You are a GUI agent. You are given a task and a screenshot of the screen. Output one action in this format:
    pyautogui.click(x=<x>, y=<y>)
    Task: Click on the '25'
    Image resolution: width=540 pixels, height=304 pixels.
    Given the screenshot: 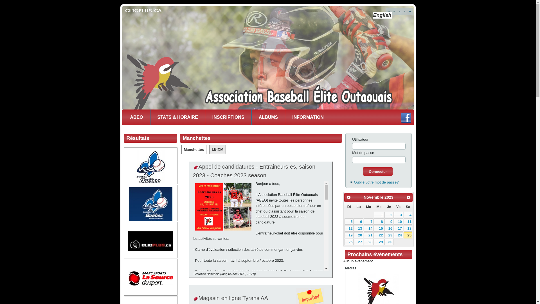 What is the action you would take?
    pyautogui.click(x=408, y=235)
    